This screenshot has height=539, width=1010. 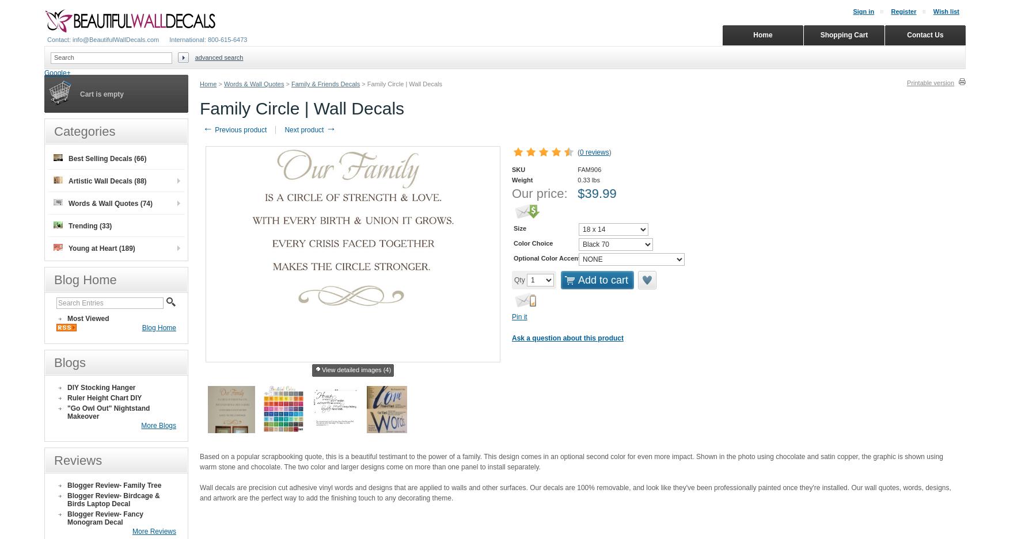 What do you see at coordinates (594, 152) in the screenshot?
I see `'0 reviews'` at bounding box center [594, 152].